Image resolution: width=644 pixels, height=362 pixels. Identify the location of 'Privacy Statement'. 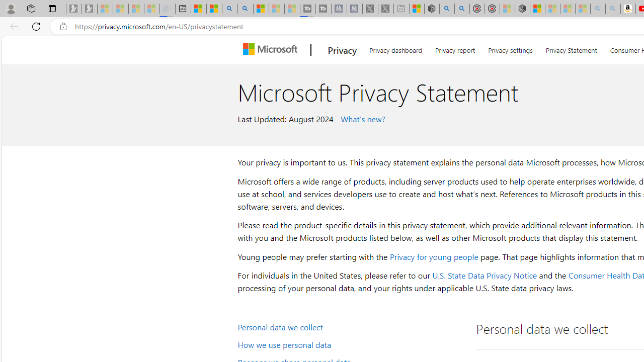
(572, 48).